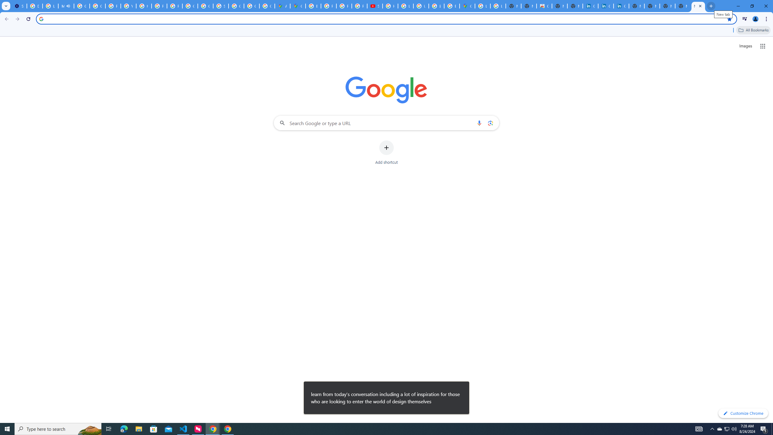  Describe the element at coordinates (374, 6) in the screenshot. I see `'Subscriptions - YouTube'` at that location.